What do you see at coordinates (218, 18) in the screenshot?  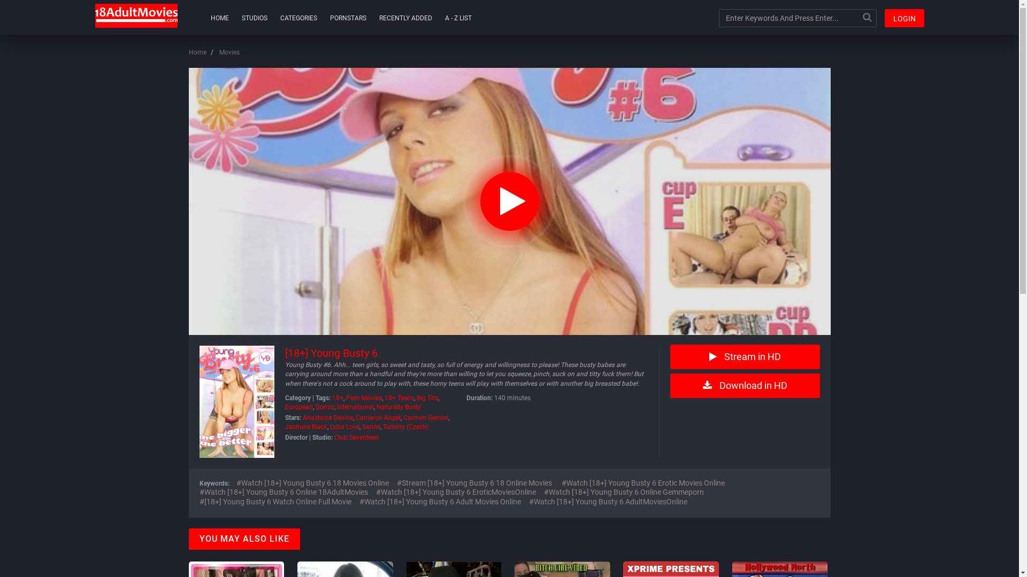 I see `'HOME'` at bounding box center [218, 18].